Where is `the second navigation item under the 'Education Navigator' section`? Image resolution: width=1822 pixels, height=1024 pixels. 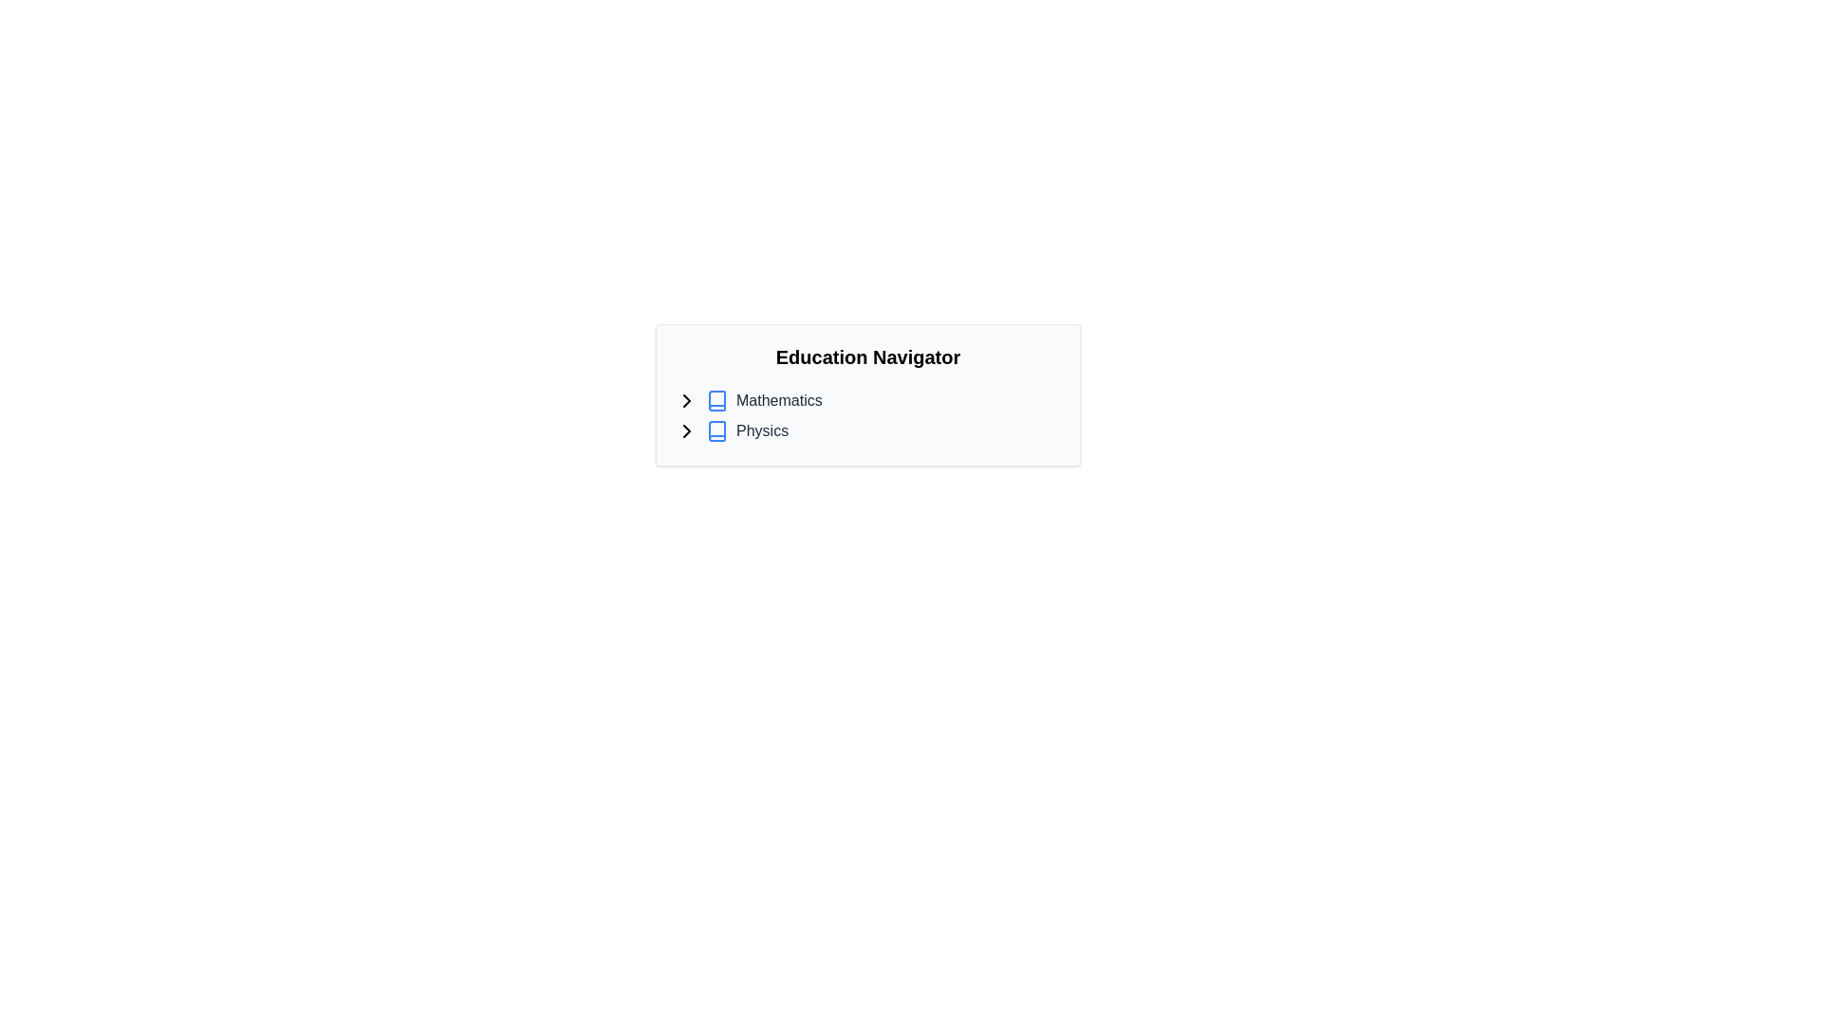 the second navigation item under the 'Education Navigator' section is located at coordinates (867, 431).